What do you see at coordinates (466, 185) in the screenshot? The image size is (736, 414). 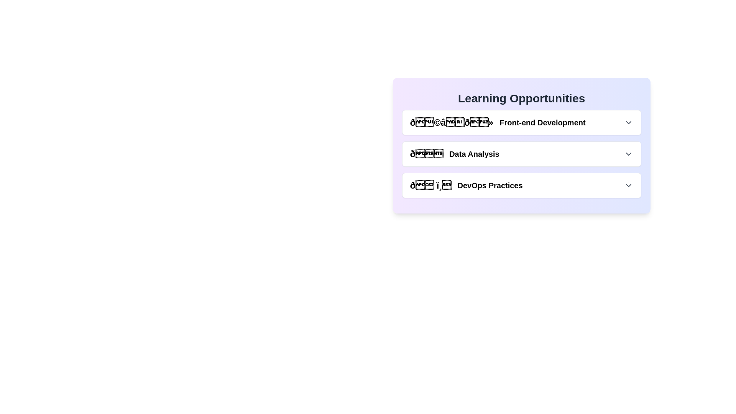 I see `the interactive header for the 'DevOps Practices' section` at bounding box center [466, 185].